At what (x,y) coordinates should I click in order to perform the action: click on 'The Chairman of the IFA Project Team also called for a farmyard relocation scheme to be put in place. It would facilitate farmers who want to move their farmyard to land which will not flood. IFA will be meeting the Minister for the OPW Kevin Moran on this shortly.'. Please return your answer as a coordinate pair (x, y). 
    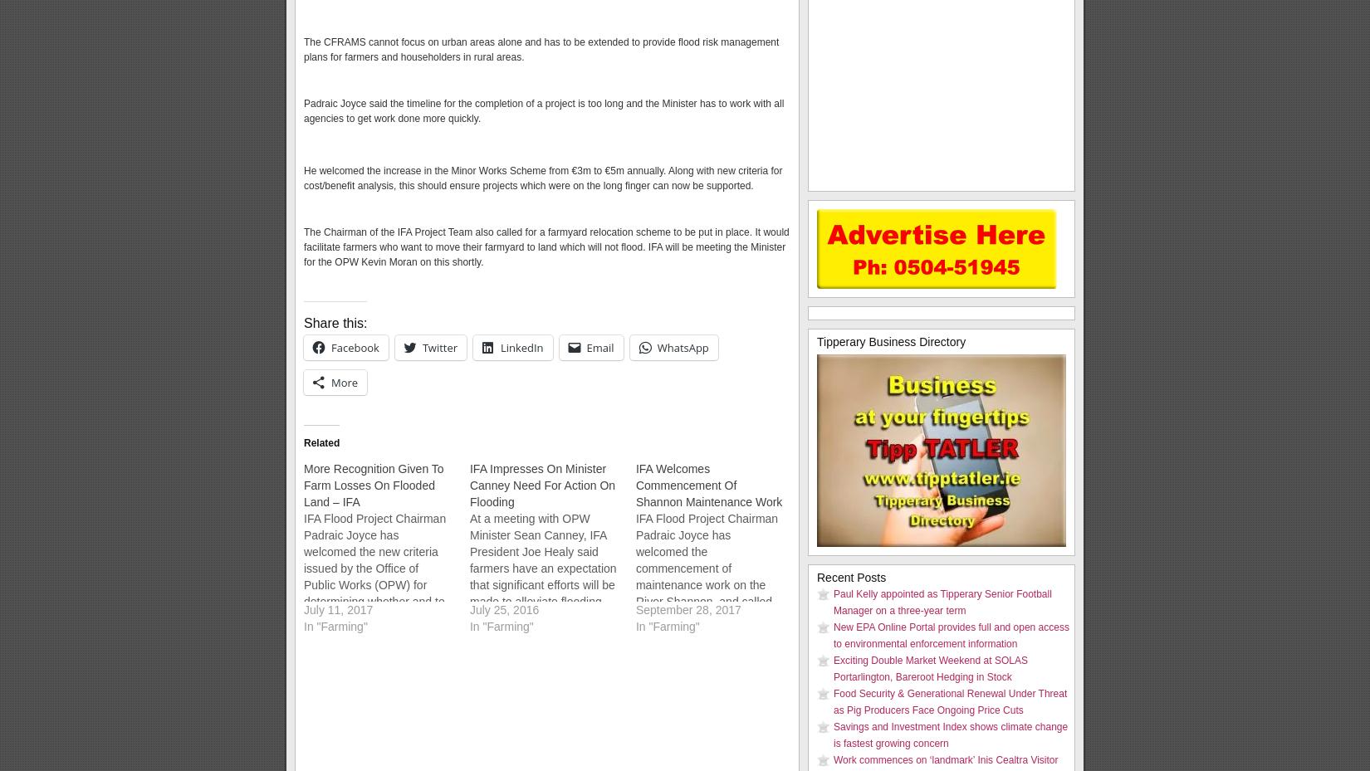
    Looking at the image, I should click on (303, 247).